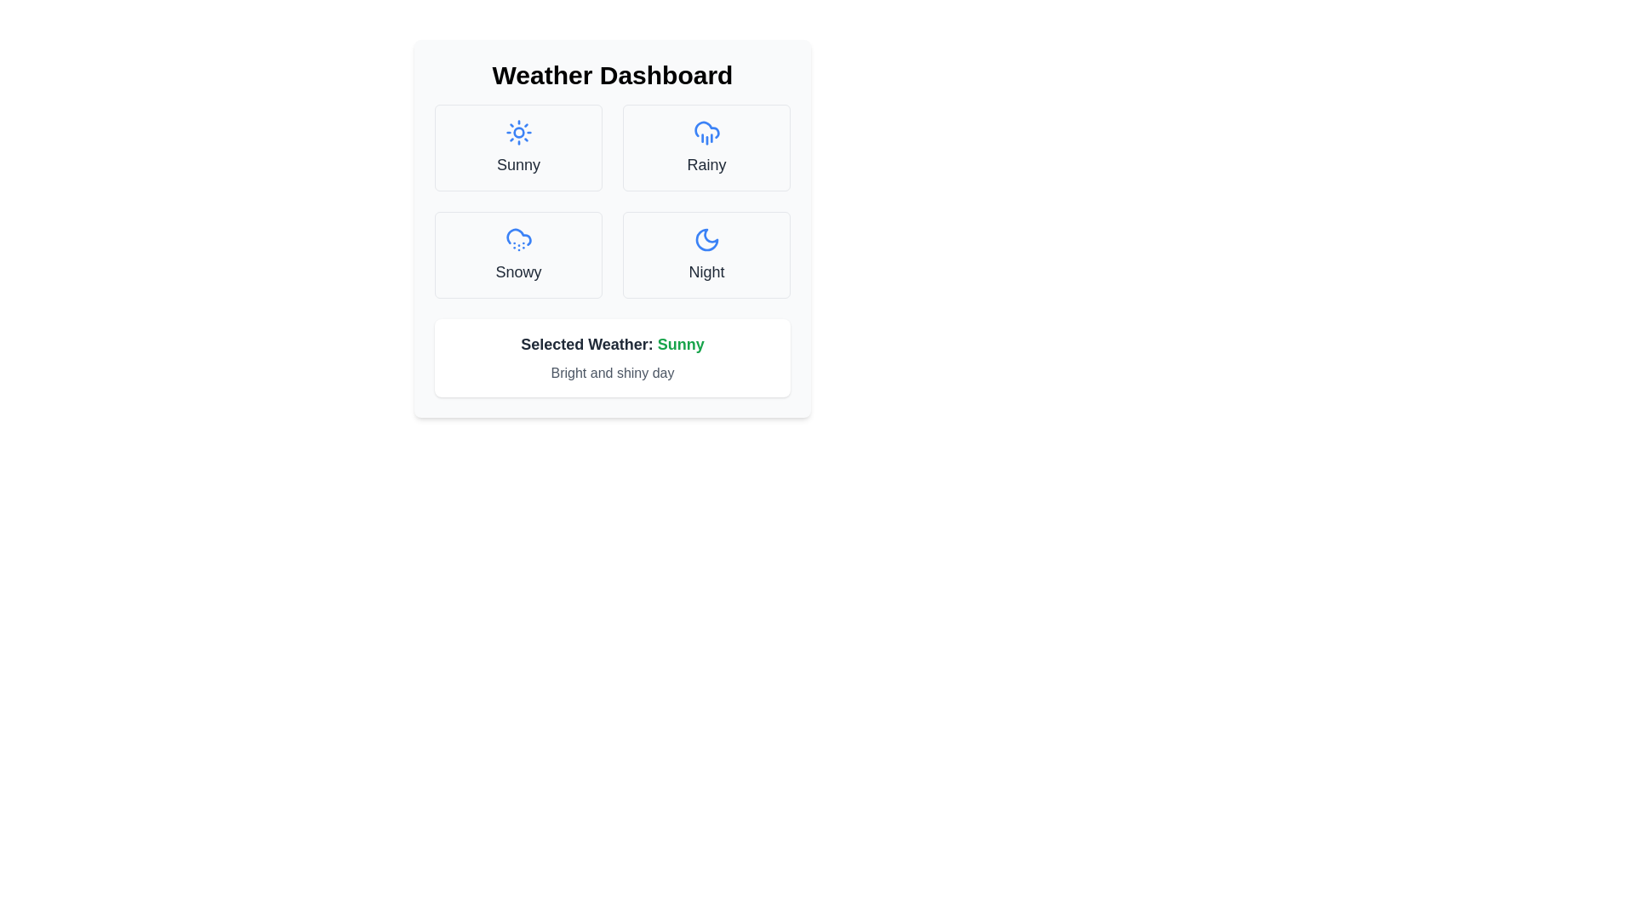  I want to click on the 'Snowy' button located in the bottom-left of the grid layout, so click(517, 255).